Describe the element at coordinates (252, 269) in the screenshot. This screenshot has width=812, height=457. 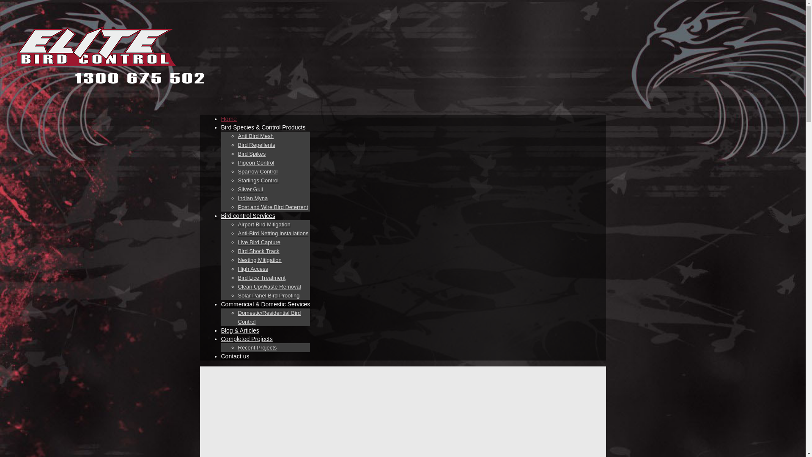
I see `'High Access'` at that location.